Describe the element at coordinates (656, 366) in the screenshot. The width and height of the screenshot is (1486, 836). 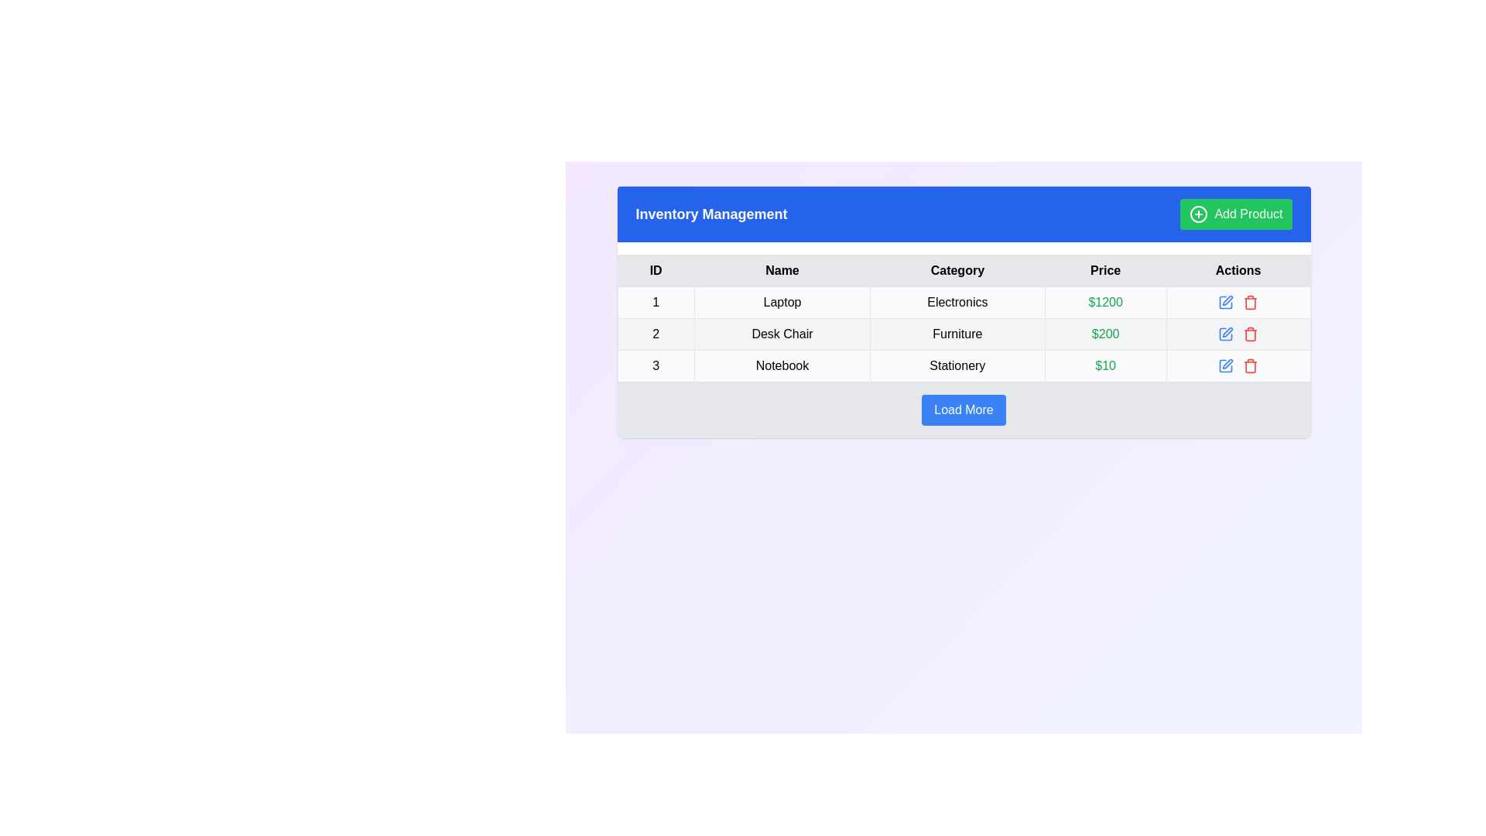
I see `the text element that displays the unique identifier of the data entry in the third row of the table under the 'ID' column` at that location.